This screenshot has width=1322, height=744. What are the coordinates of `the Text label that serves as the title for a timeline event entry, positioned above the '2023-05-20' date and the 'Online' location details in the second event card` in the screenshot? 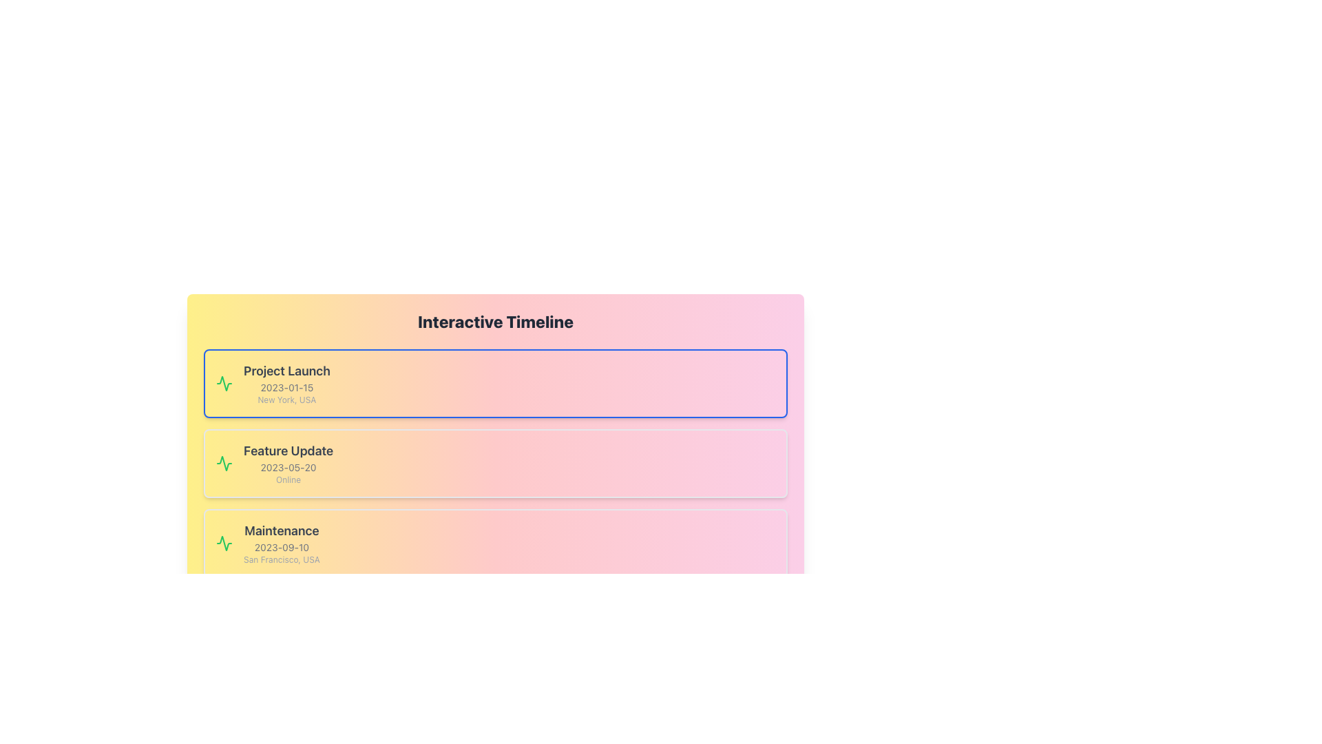 It's located at (288, 451).